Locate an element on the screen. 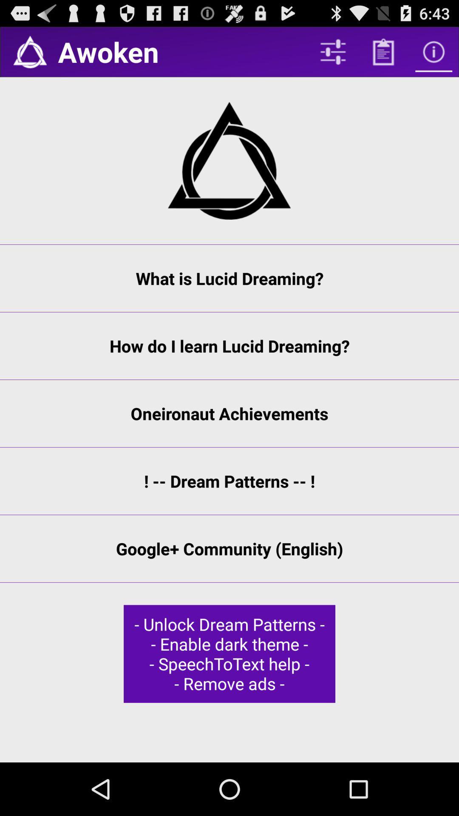 The height and width of the screenshot is (816, 459). notifications is located at coordinates (29, 51).